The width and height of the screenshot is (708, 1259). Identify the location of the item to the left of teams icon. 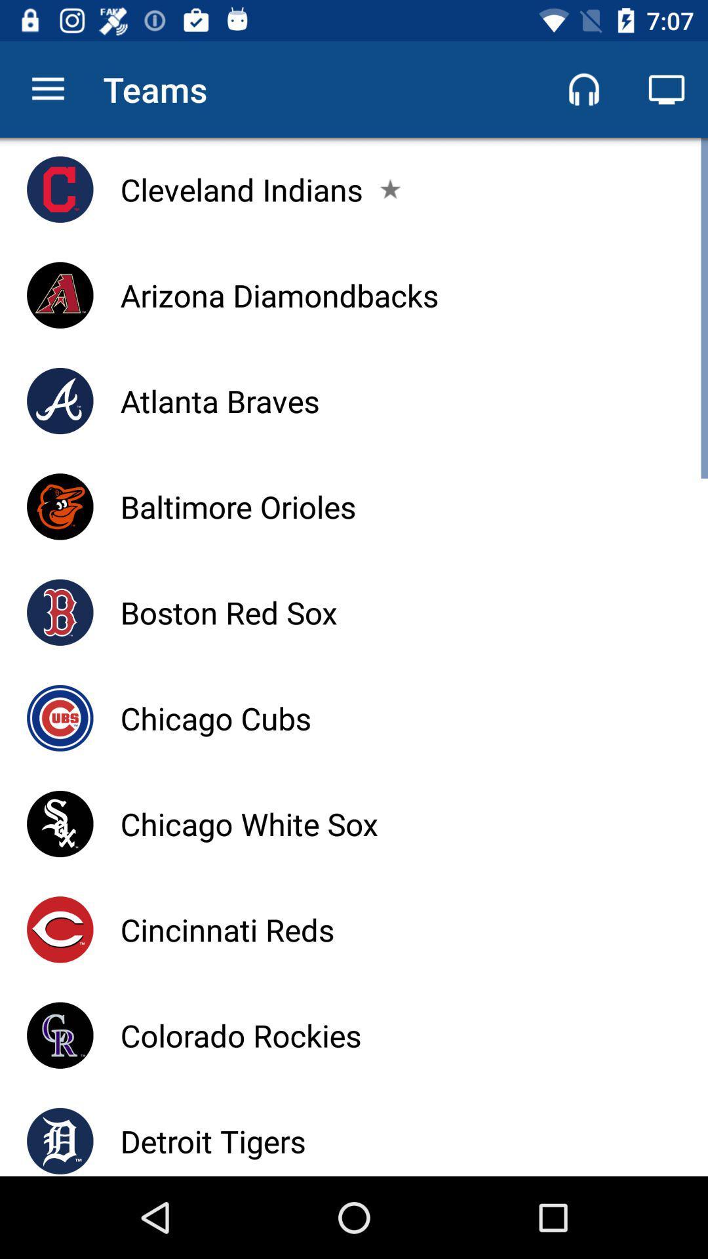
(47, 89).